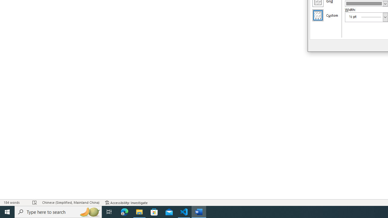 Image resolution: width=388 pixels, height=218 pixels. Describe the element at coordinates (139, 211) in the screenshot. I see `'File Explorer - 1 running window'` at that location.